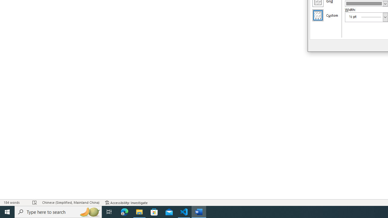 Image resolution: width=388 pixels, height=218 pixels. Describe the element at coordinates (139, 211) in the screenshot. I see `'File Explorer - 1 running window'` at that location.